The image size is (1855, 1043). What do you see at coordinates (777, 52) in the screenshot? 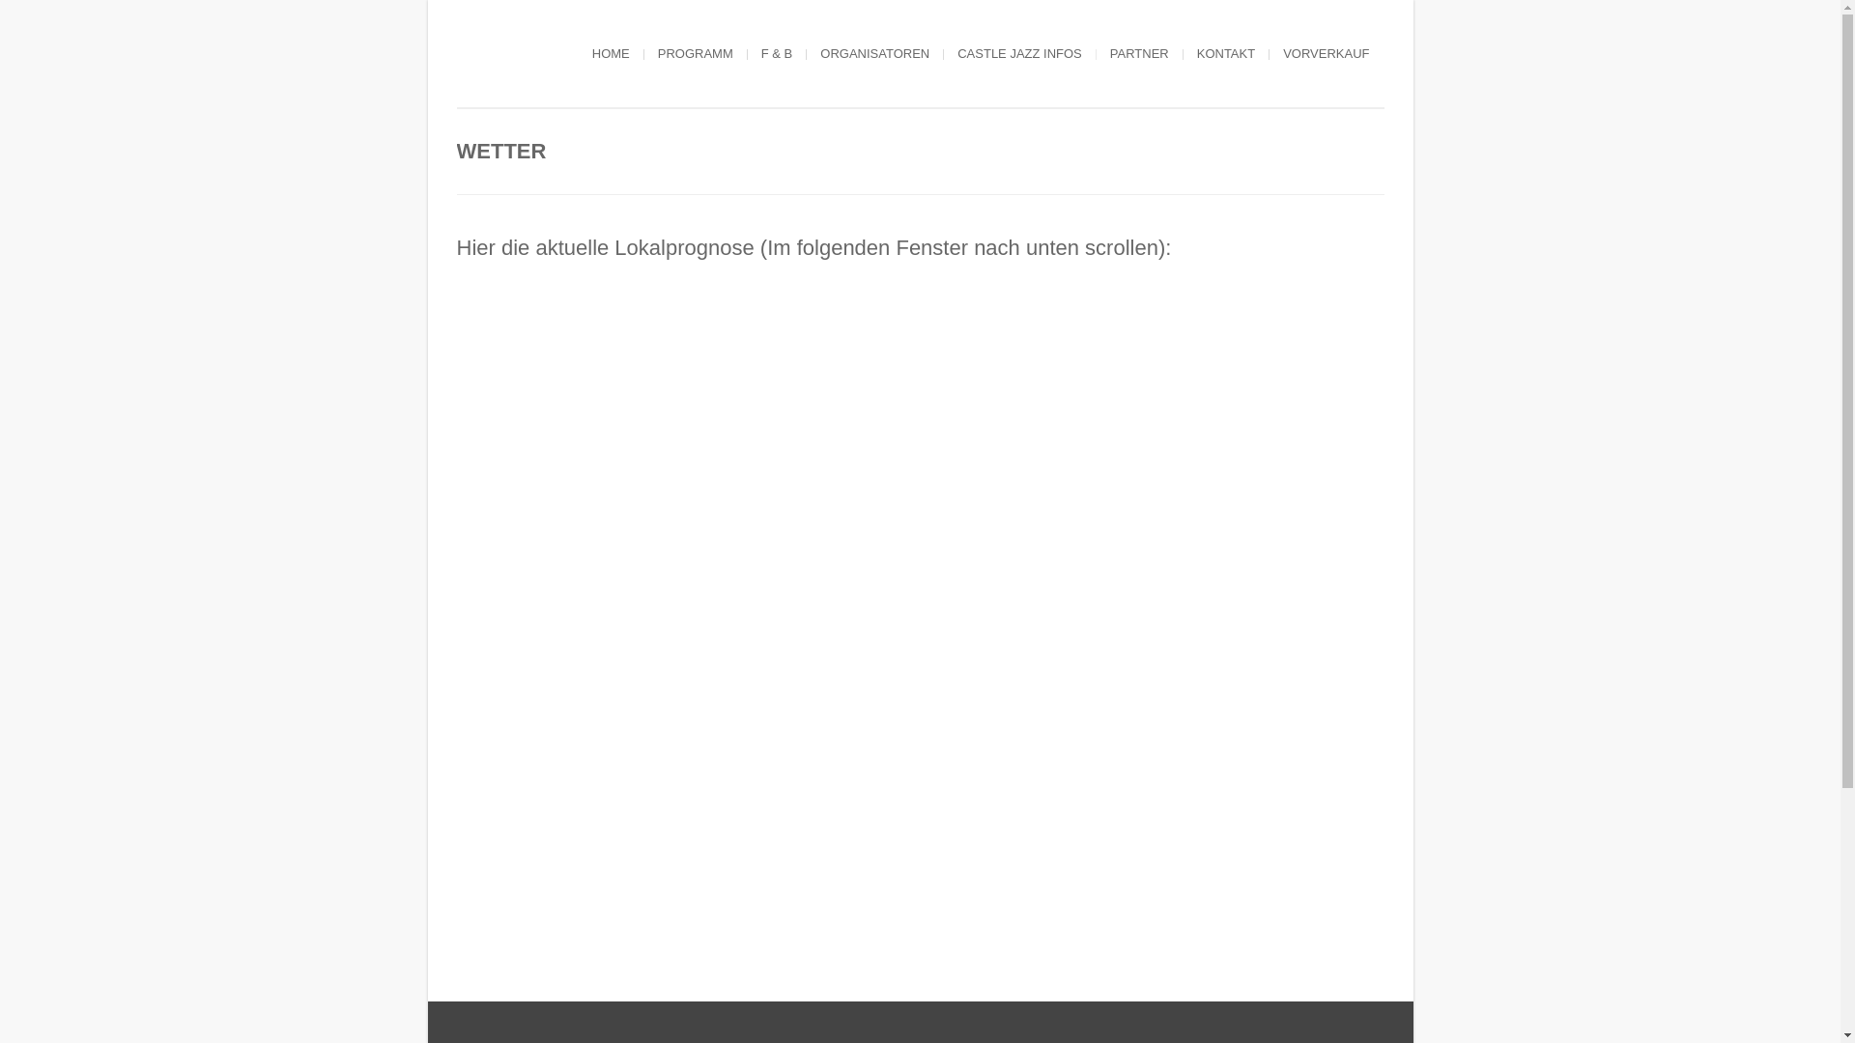
I see `'F & B'` at bounding box center [777, 52].